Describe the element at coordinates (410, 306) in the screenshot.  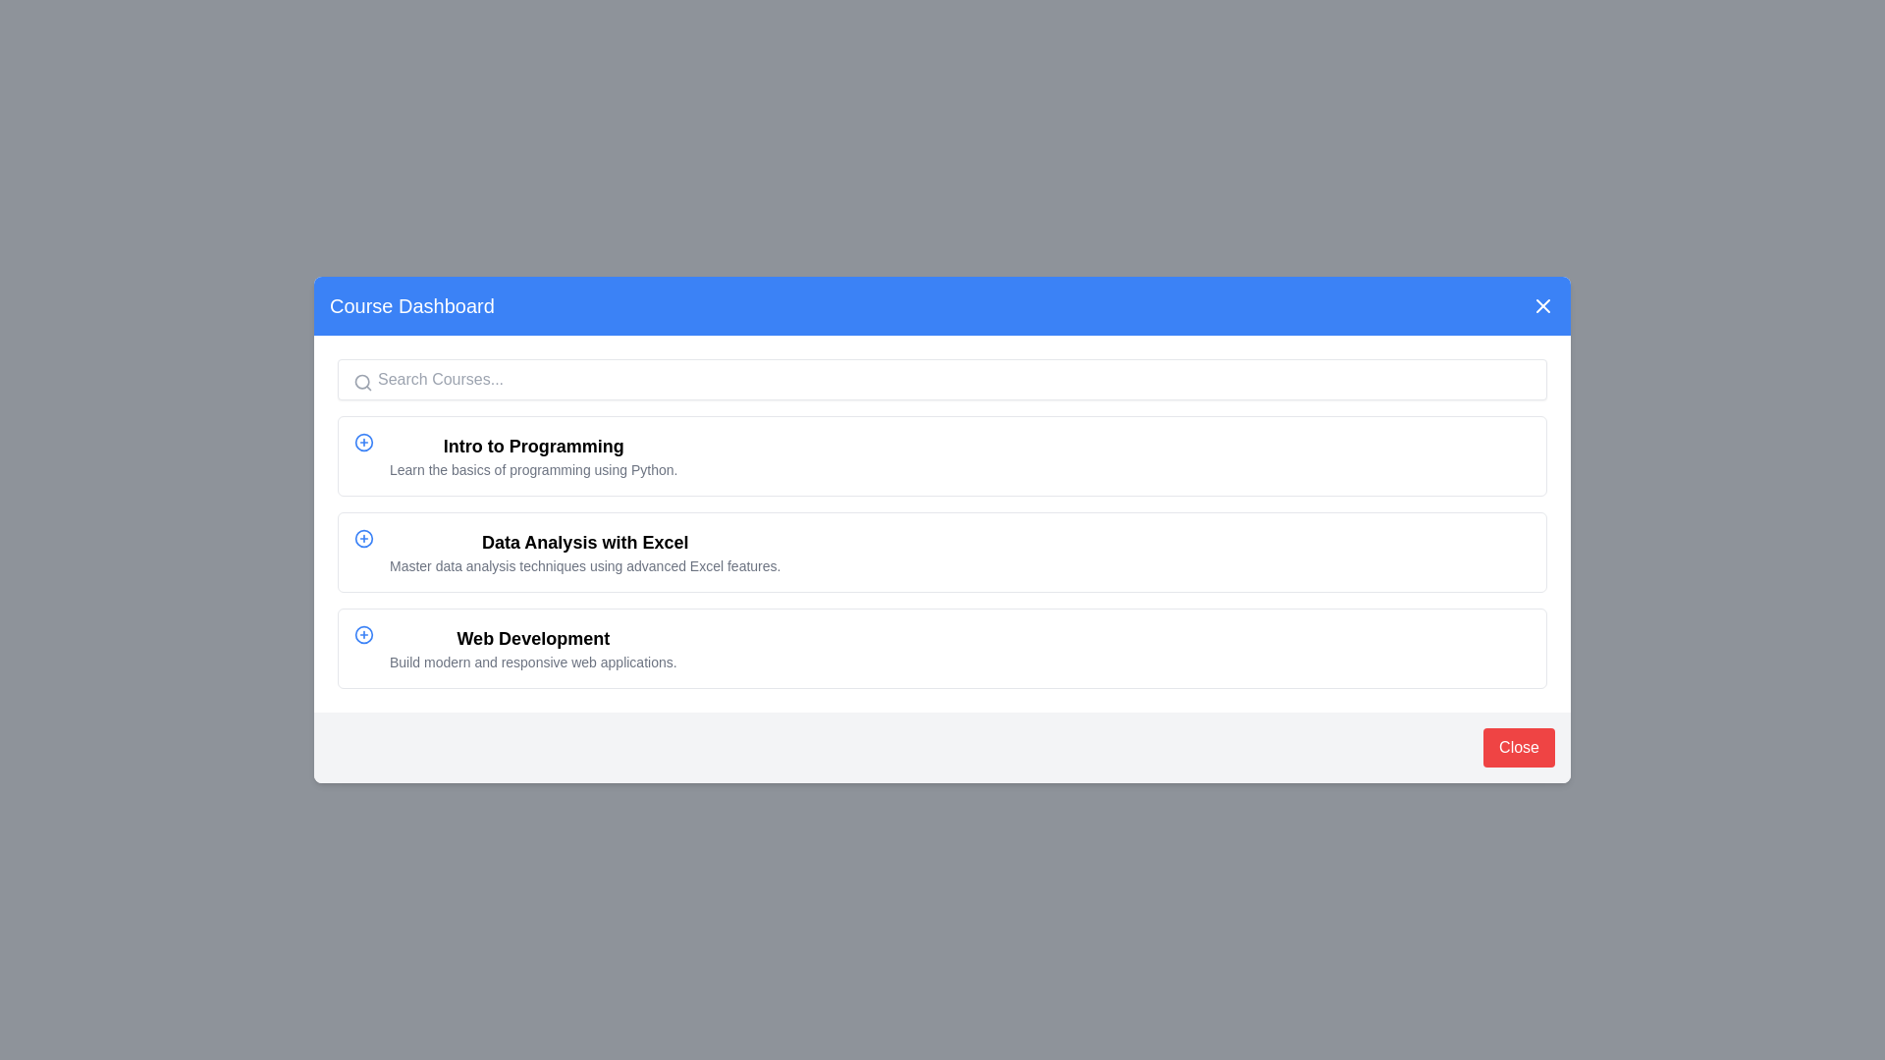
I see `the Text Label that serves as the title of the modal dialog, which is positioned at the top left of the blue header bar in the modal window` at that location.